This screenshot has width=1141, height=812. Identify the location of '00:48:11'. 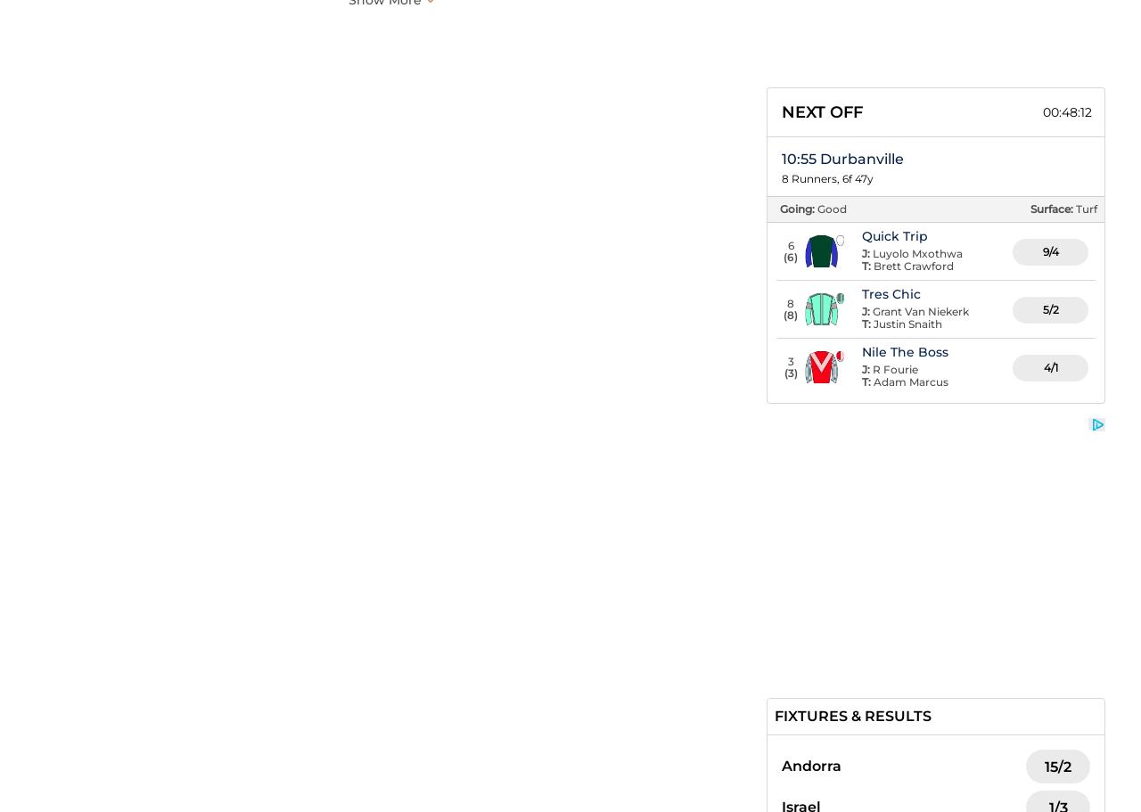
(1066, 111).